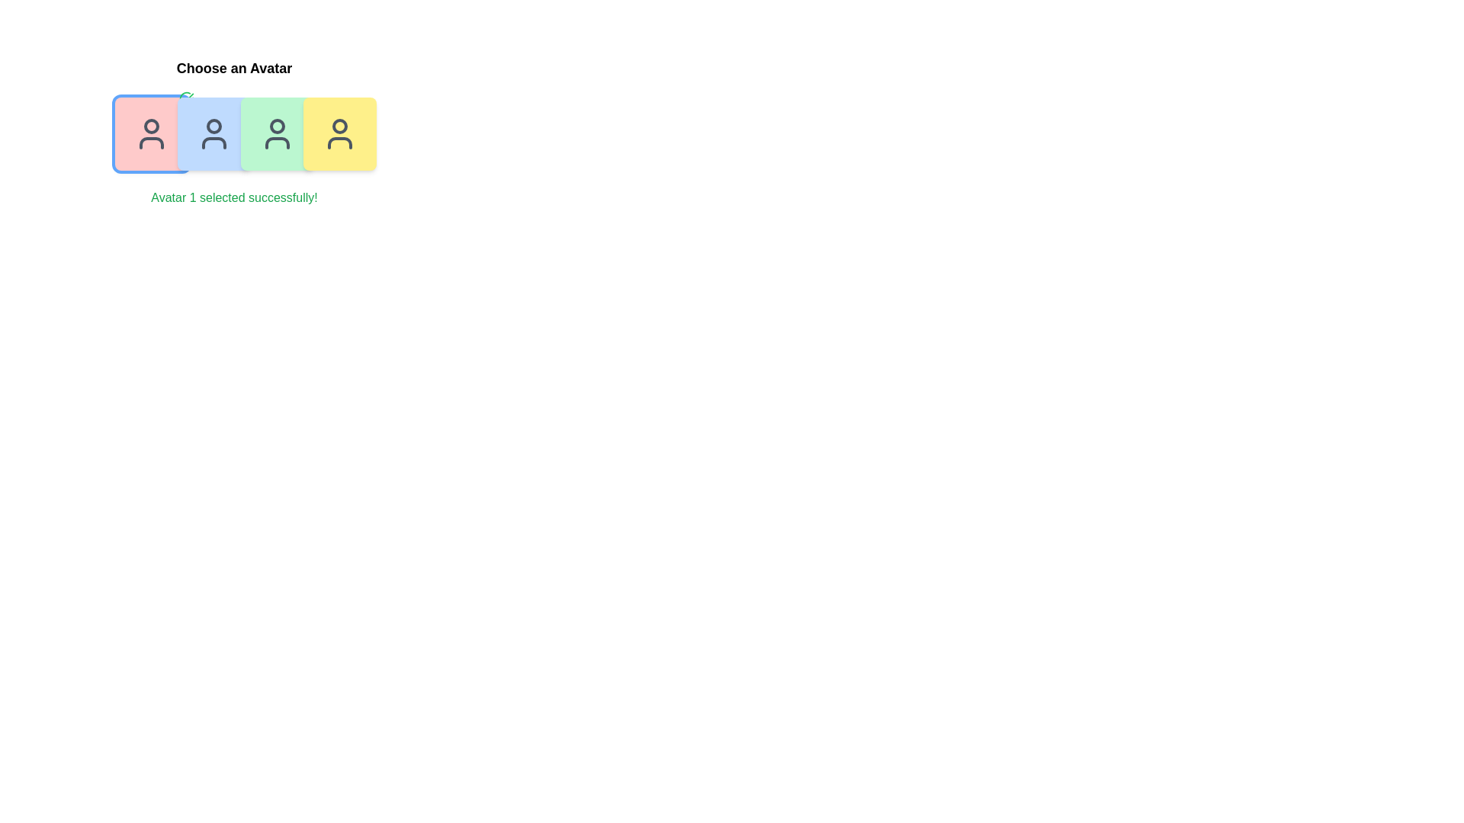 This screenshot has height=823, width=1464. Describe the element at coordinates (151, 133) in the screenshot. I see `the avatar selection icon located at the leftmost button of the horizontal group of four buttons, below the 'Choose an Avatar' text` at that location.